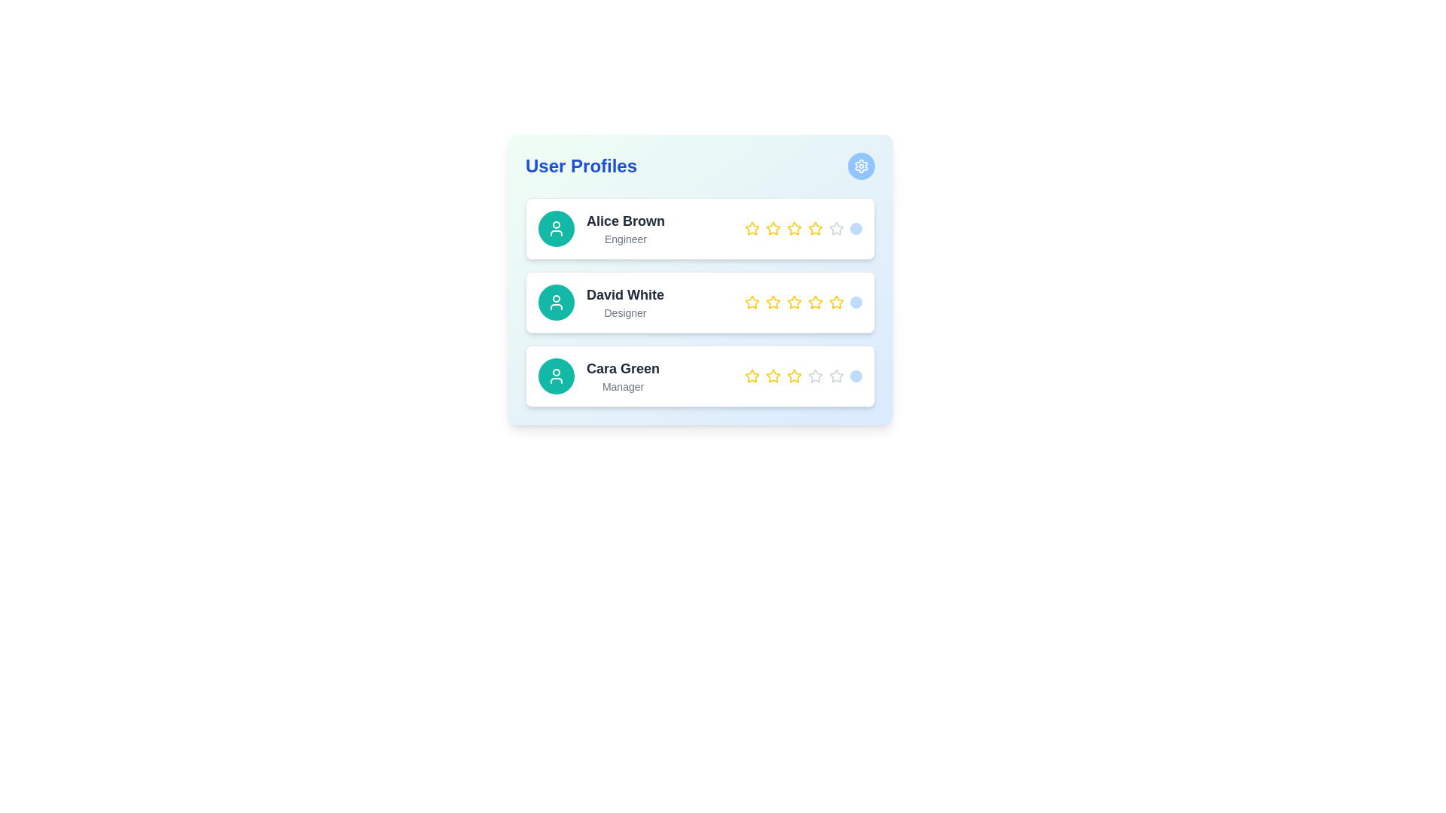 This screenshot has height=813, width=1446. I want to click on the third star-shaped icon in the rating component associated with user 'Cara Green', so click(835, 375).